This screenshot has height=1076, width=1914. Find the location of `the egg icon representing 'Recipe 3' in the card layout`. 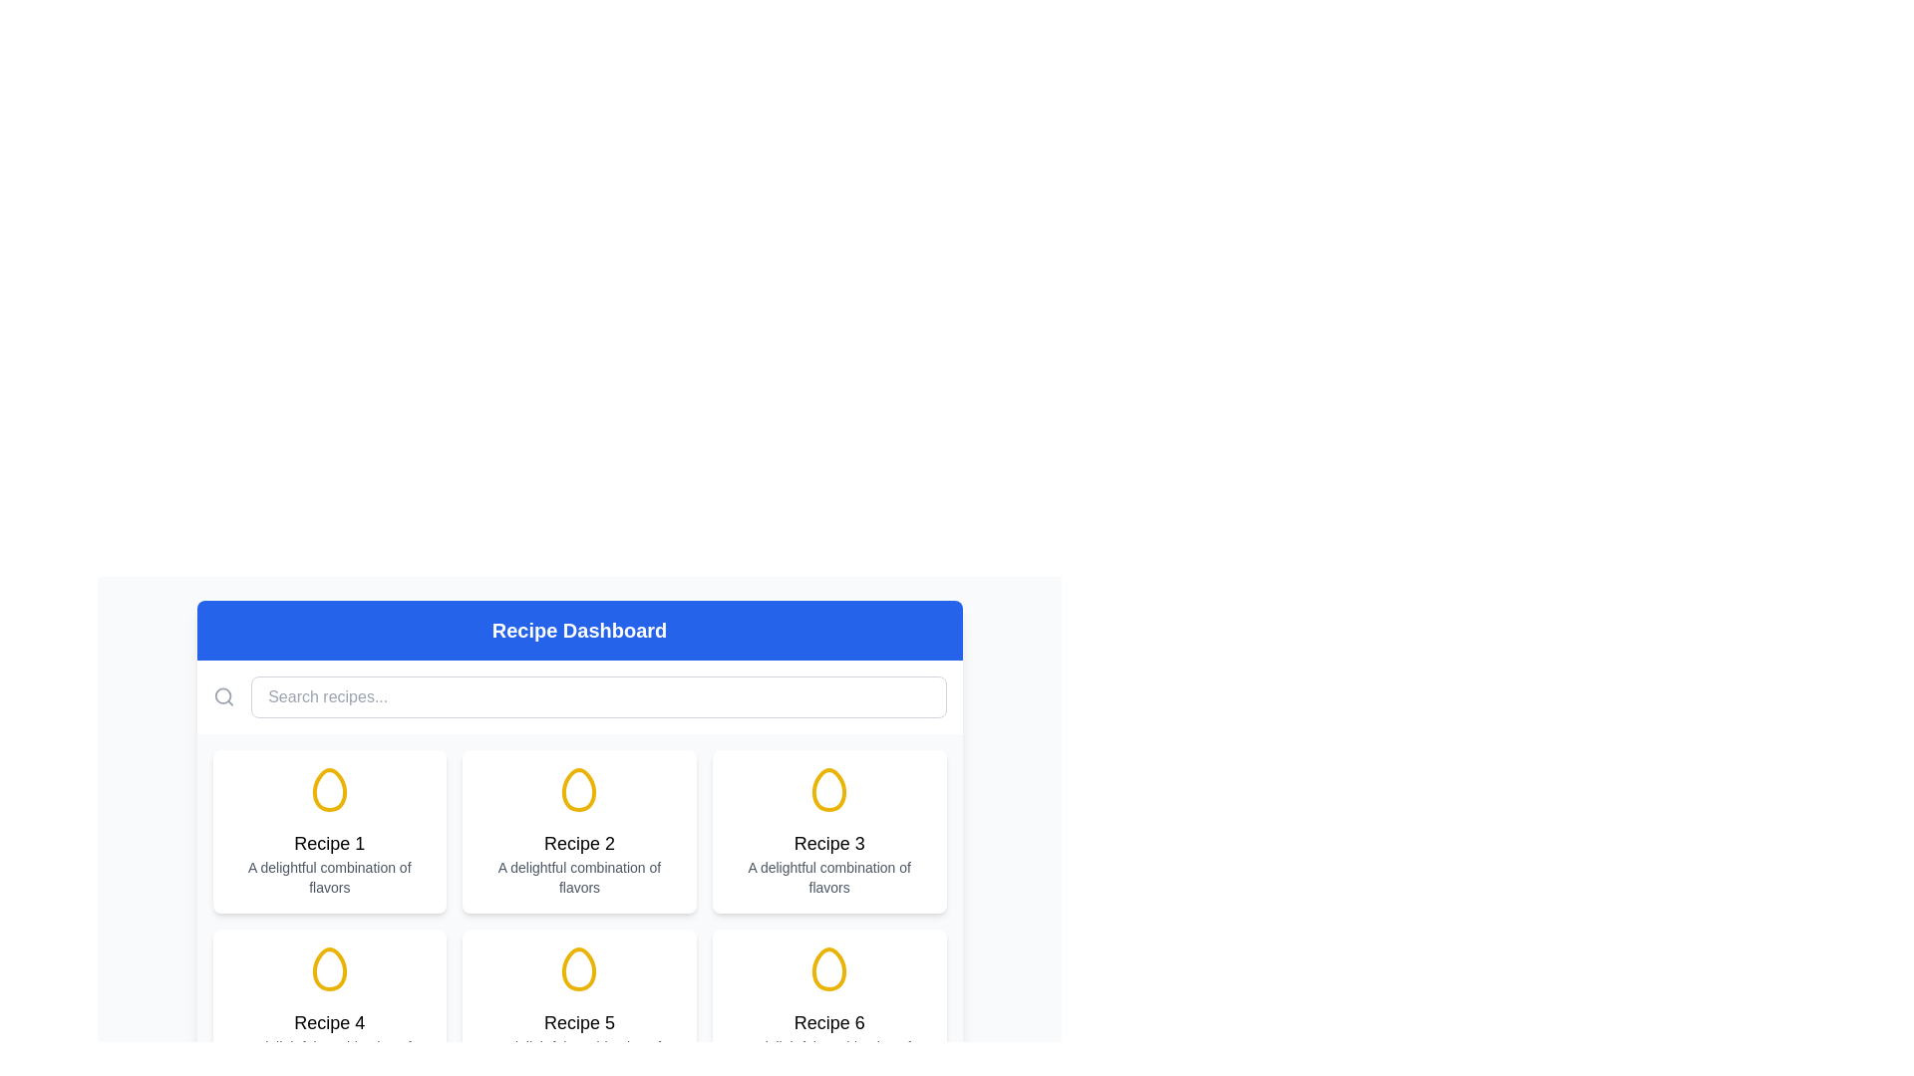

the egg icon representing 'Recipe 3' in the card layout is located at coordinates (829, 789).